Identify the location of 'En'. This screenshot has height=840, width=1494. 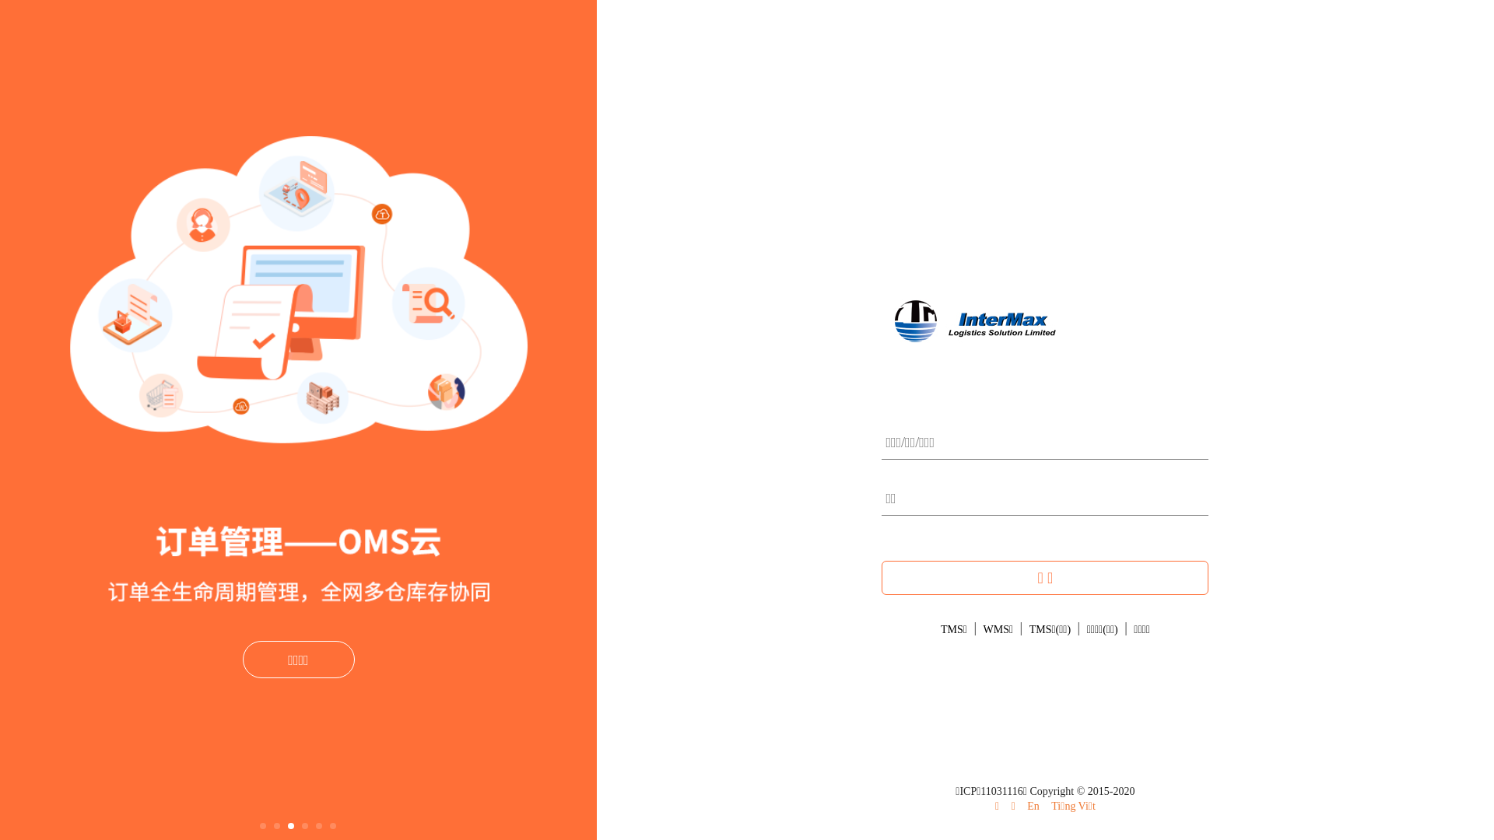
(1033, 805).